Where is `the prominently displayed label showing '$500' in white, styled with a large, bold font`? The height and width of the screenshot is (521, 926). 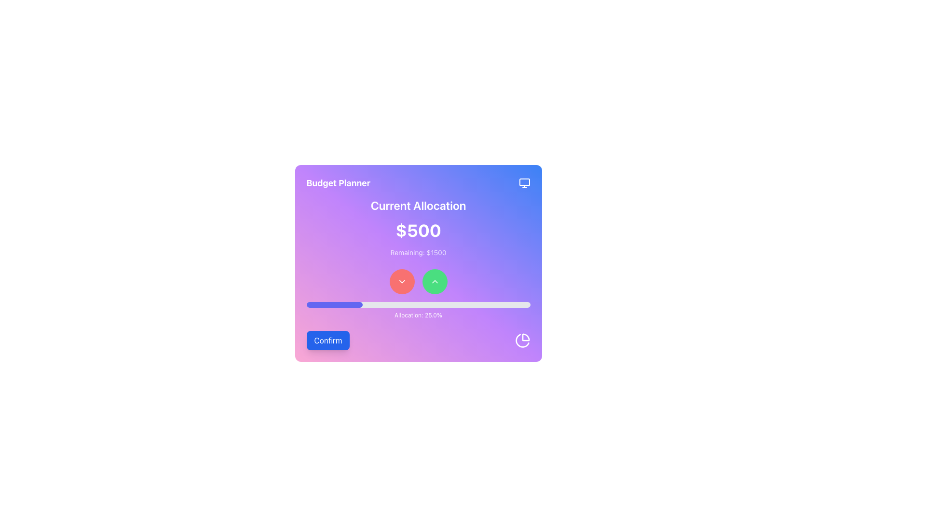
the prominently displayed label showing '$500' in white, styled with a large, bold font is located at coordinates (418, 231).